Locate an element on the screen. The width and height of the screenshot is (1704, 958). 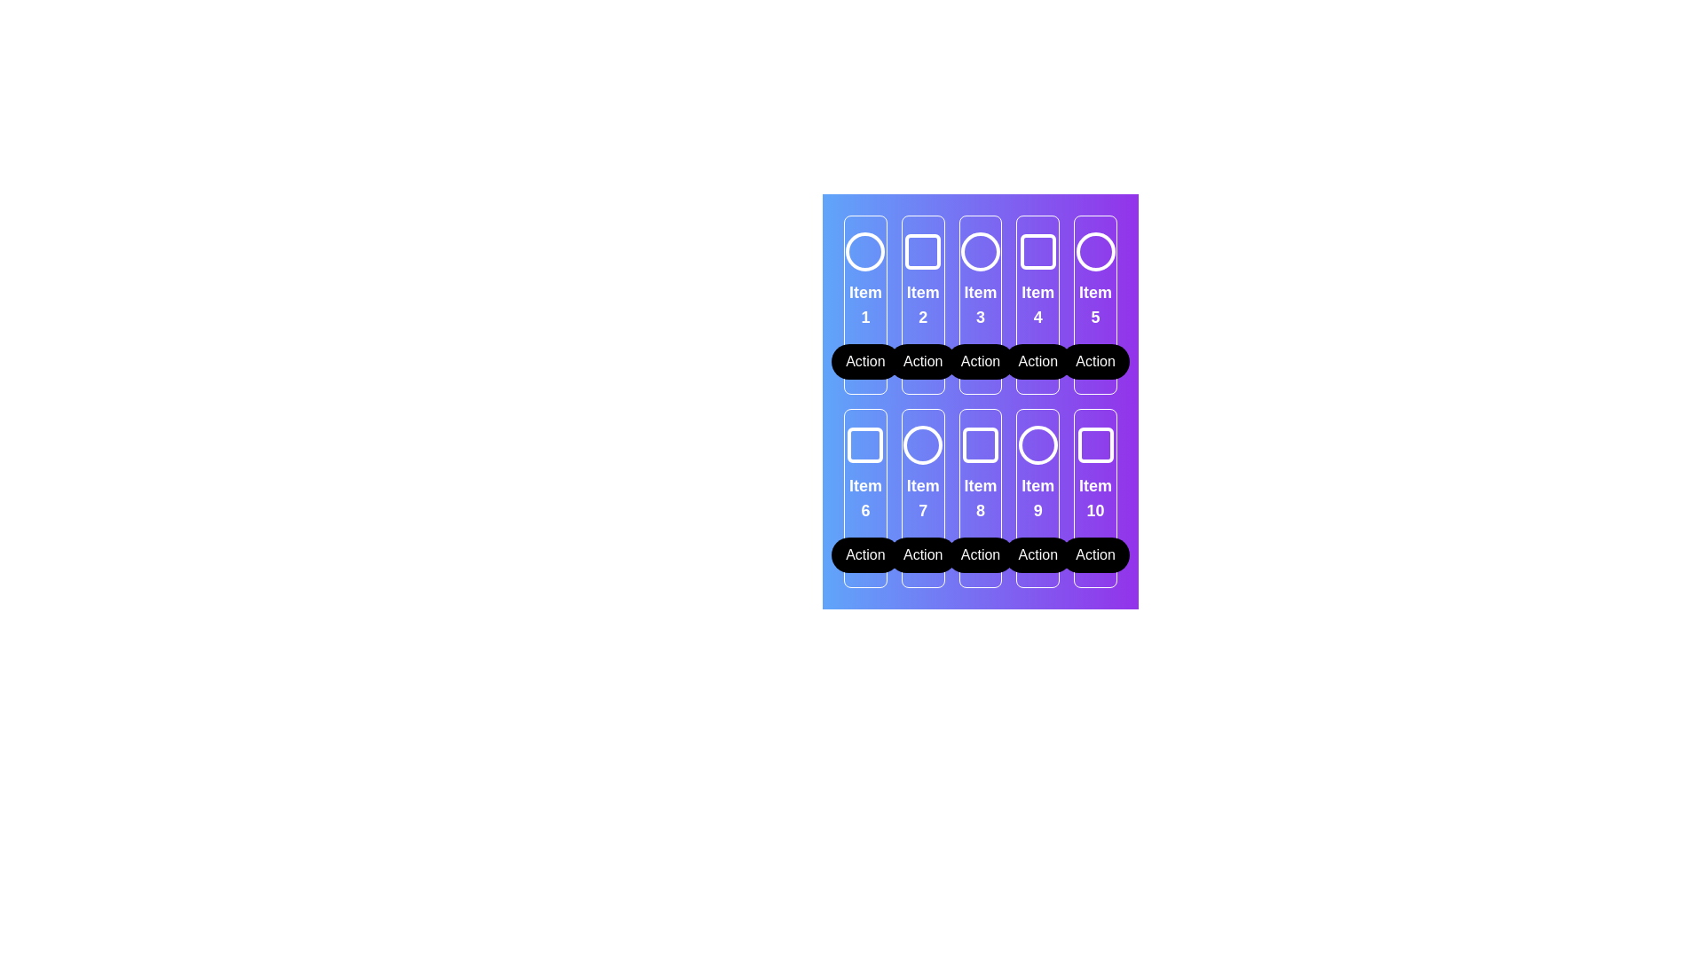
the item representation card located in the bottom row of the grid layout is located at coordinates (979, 499).